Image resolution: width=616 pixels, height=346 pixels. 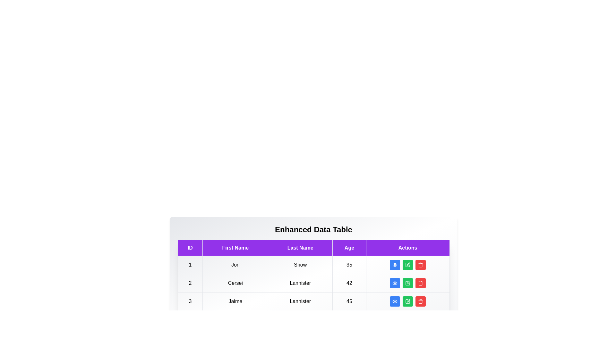 What do you see at coordinates (313, 265) in the screenshot?
I see `the row corresponding to 1 to highlight it` at bounding box center [313, 265].